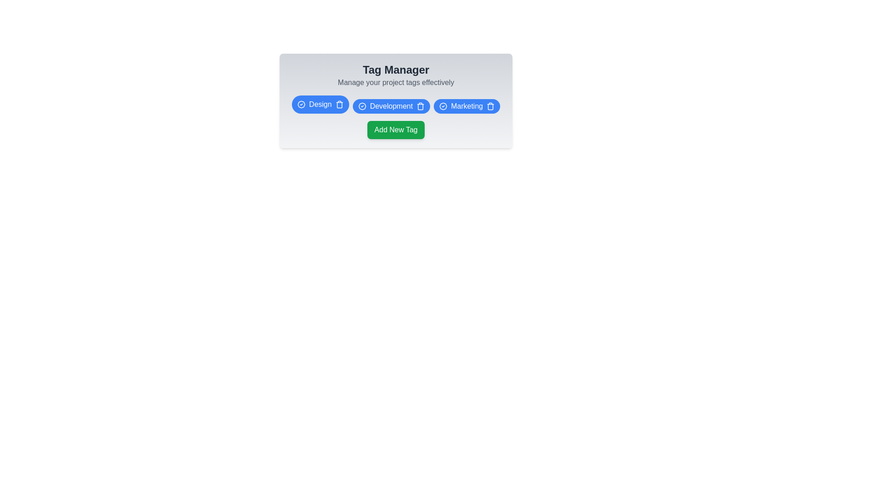  I want to click on the 'Add New Tag' button, so click(396, 130).